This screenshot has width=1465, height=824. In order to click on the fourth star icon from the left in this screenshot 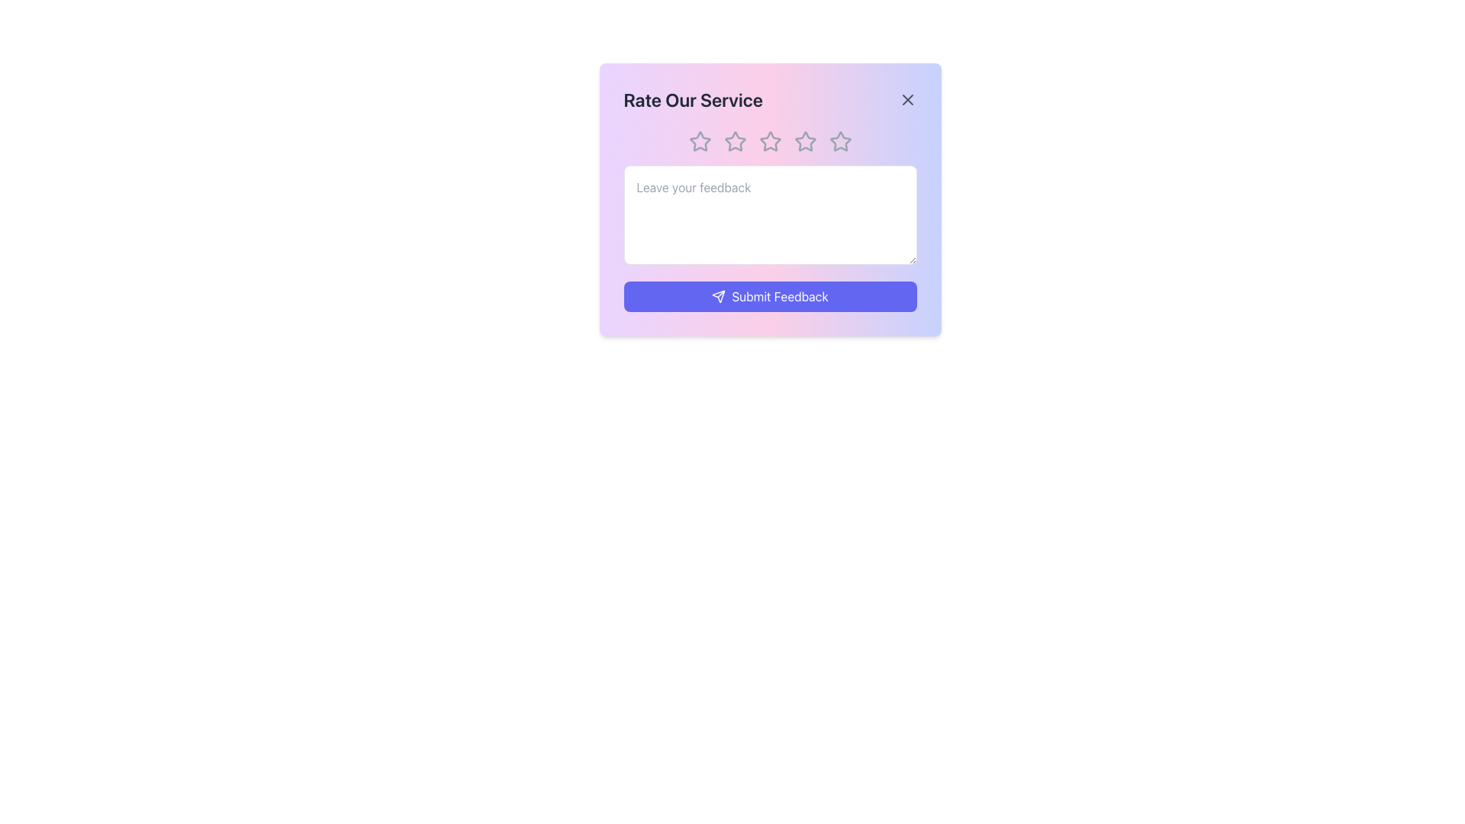, I will do `click(804, 141)`.